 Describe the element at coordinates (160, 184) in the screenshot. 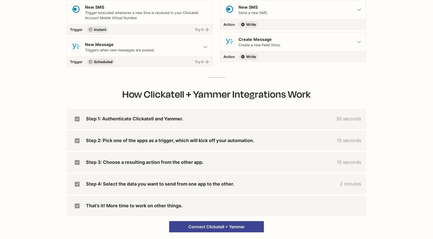

I see `'Step 4: Select the data you want to send from one app to the other.'` at that location.